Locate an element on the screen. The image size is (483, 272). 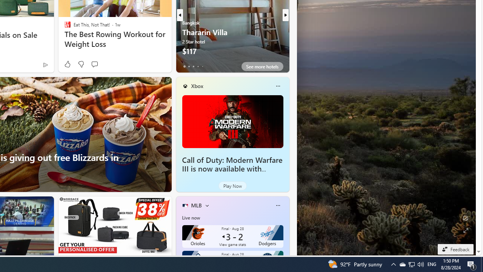
'tab-1' is located at coordinates (189, 66).